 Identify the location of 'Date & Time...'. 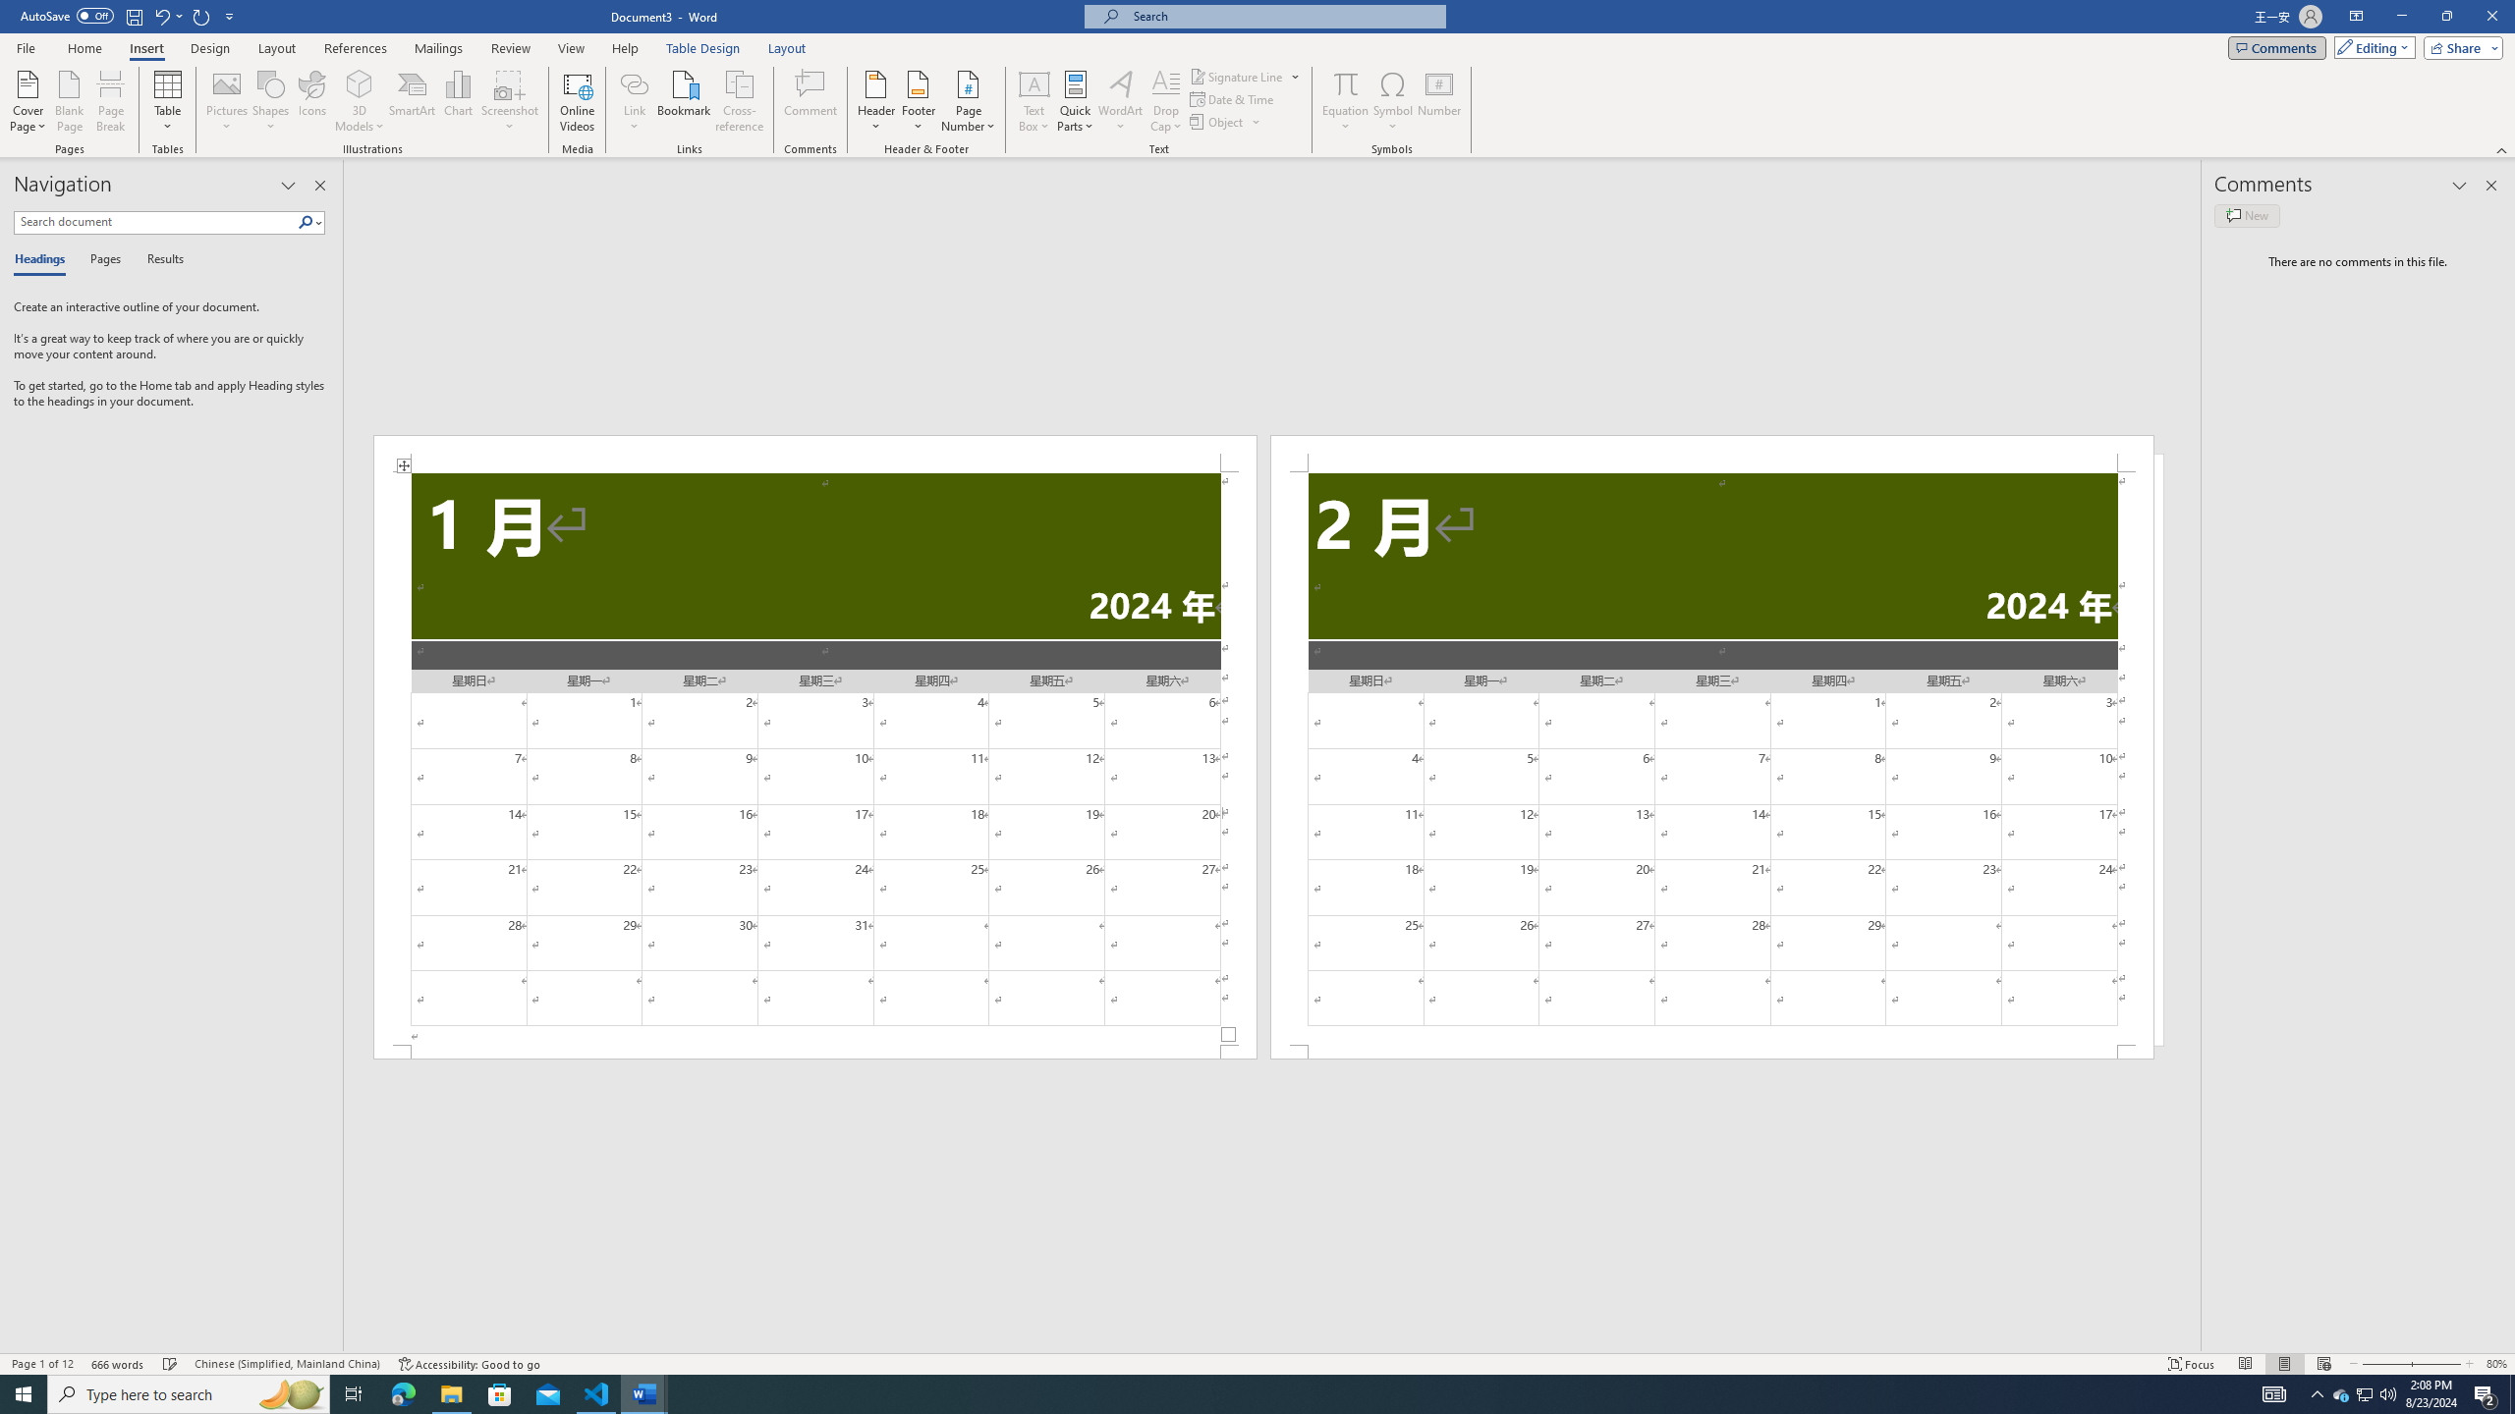
(1233, 97).